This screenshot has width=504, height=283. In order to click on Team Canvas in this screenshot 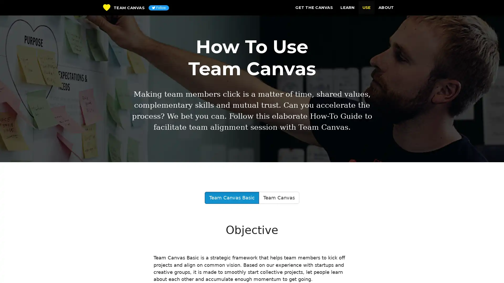, I will do `click(279, 198)`.